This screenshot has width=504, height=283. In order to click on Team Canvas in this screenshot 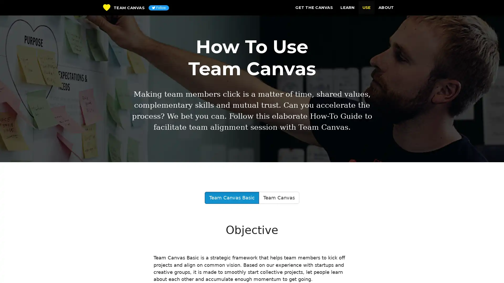, I will do `click(279, 198)`.